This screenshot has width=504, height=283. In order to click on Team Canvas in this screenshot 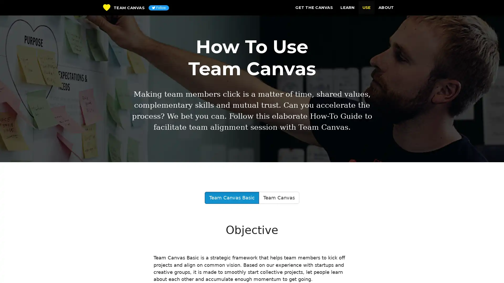, I will do `click(279, 198)`.